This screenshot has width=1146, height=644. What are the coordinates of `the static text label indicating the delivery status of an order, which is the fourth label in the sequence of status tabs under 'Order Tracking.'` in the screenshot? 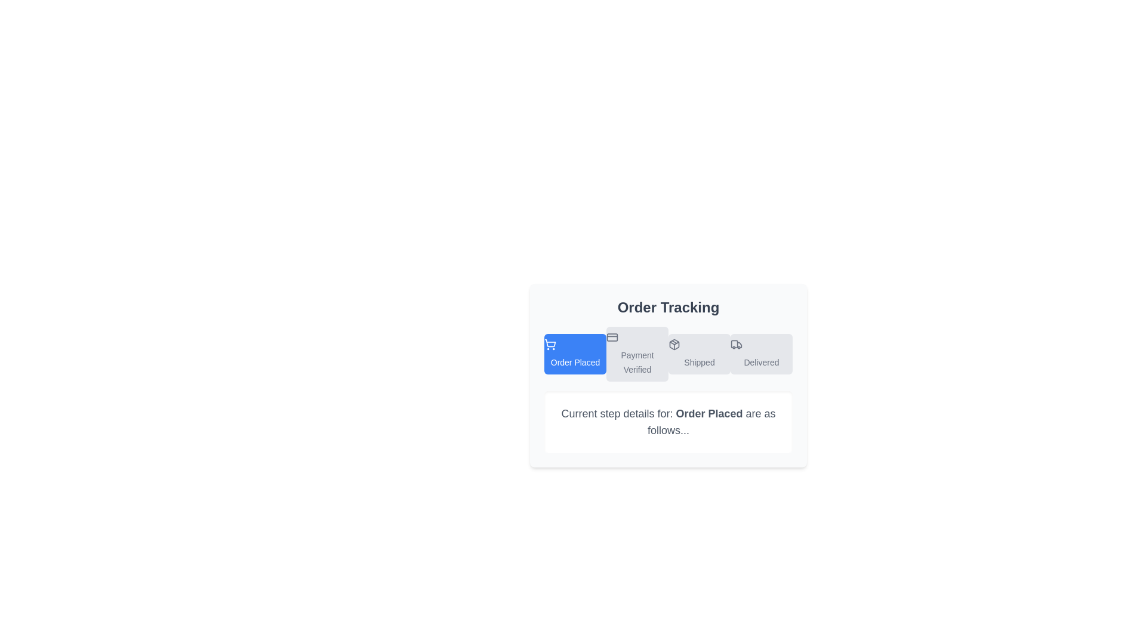 It's located at (761, 362).